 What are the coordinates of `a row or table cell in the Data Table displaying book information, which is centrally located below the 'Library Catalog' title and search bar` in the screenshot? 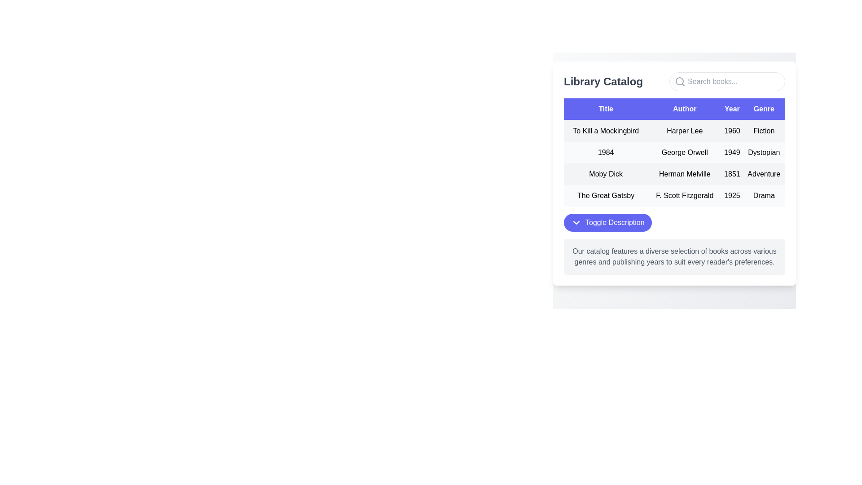 It's located at (674, 163).